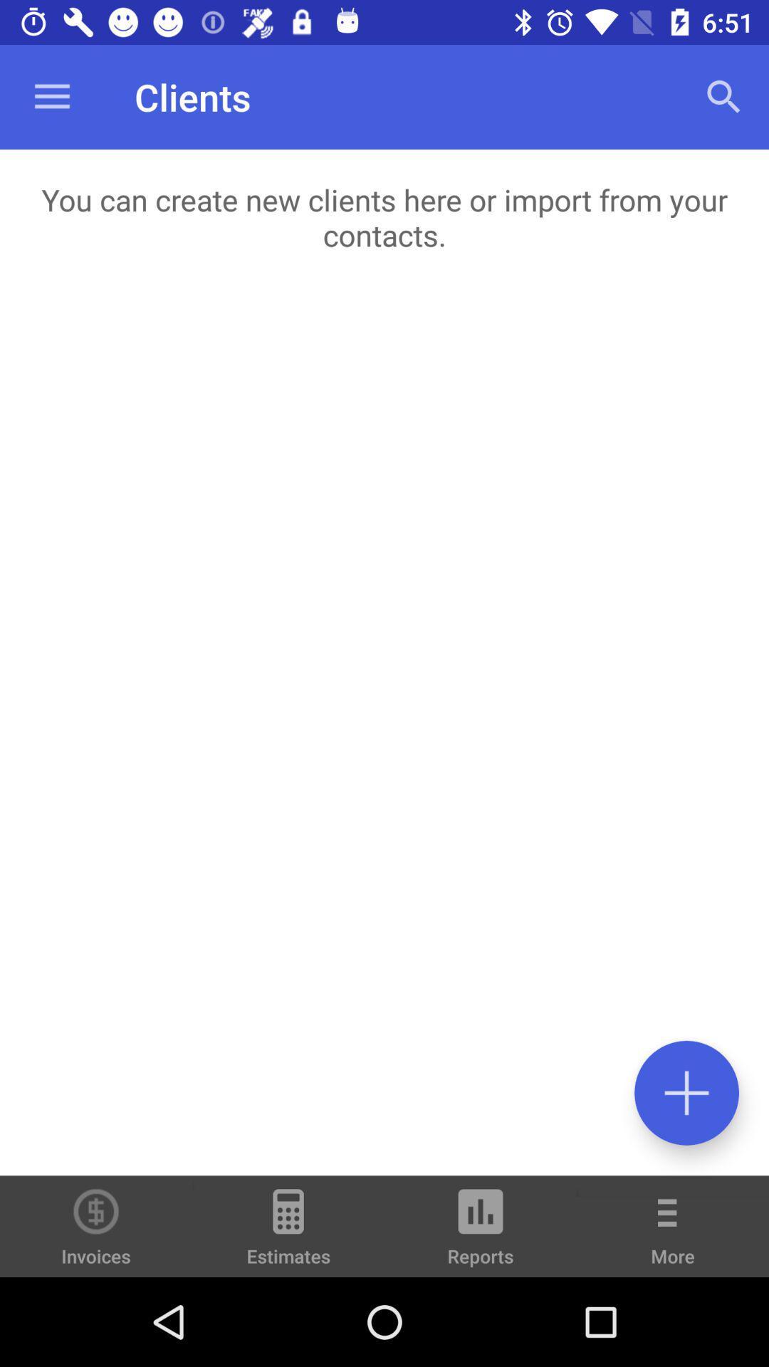  What do you see at coordinates (481, 1232) in the screenshot?
I see `the reports icon` at bounding box center [481, 1232].